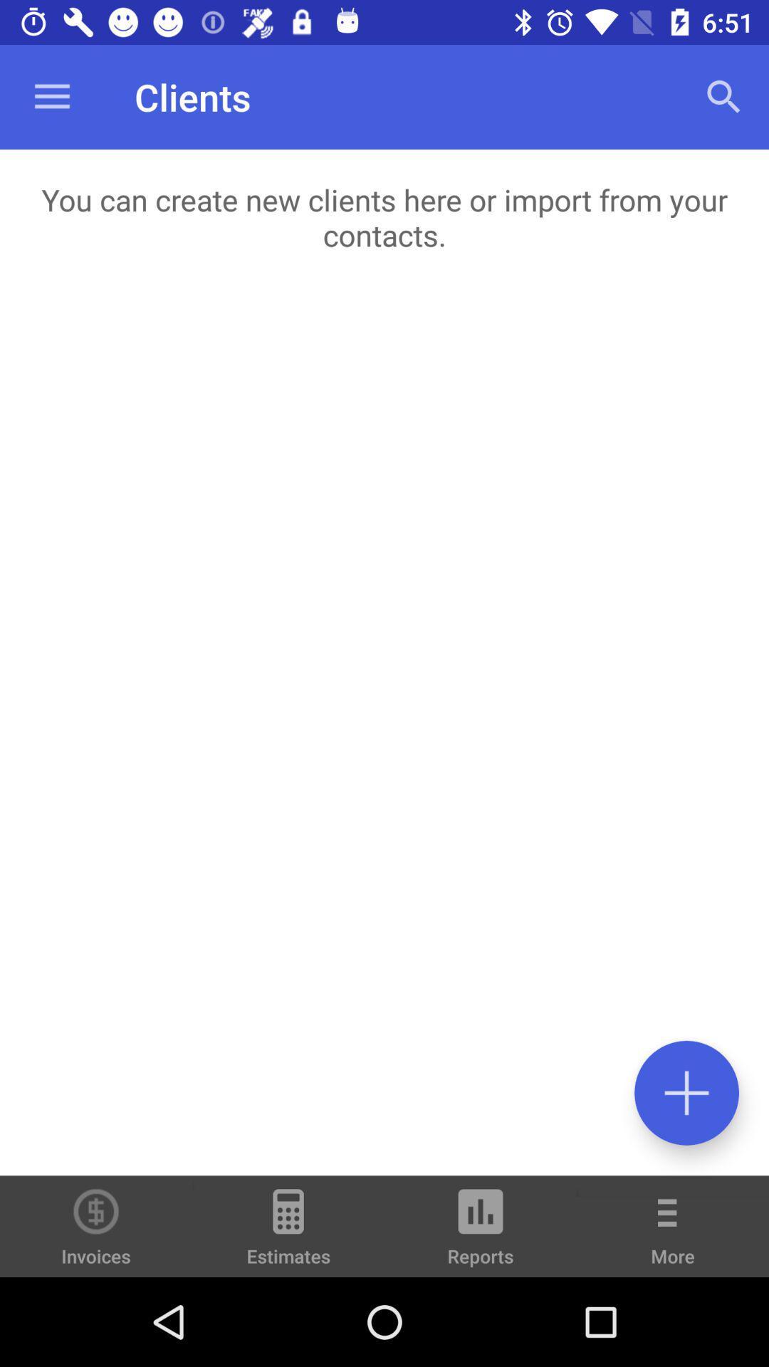  What do you see at coordinates (481, 1232) in the screenshot?
I see `the reports icon` at bounding box center [481, 1232].